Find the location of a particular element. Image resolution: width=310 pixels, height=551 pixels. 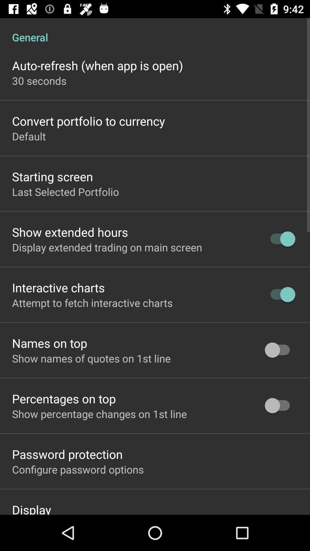

the item above 30 seconds item is located at coordinates (97, 65).